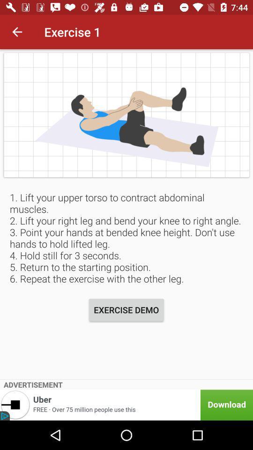 The image size is (253, 450). What do you see at coordinates (17, 32) in the screenshot?
I see `app next to exercise 1 icon` at bounding box center [17, 32].